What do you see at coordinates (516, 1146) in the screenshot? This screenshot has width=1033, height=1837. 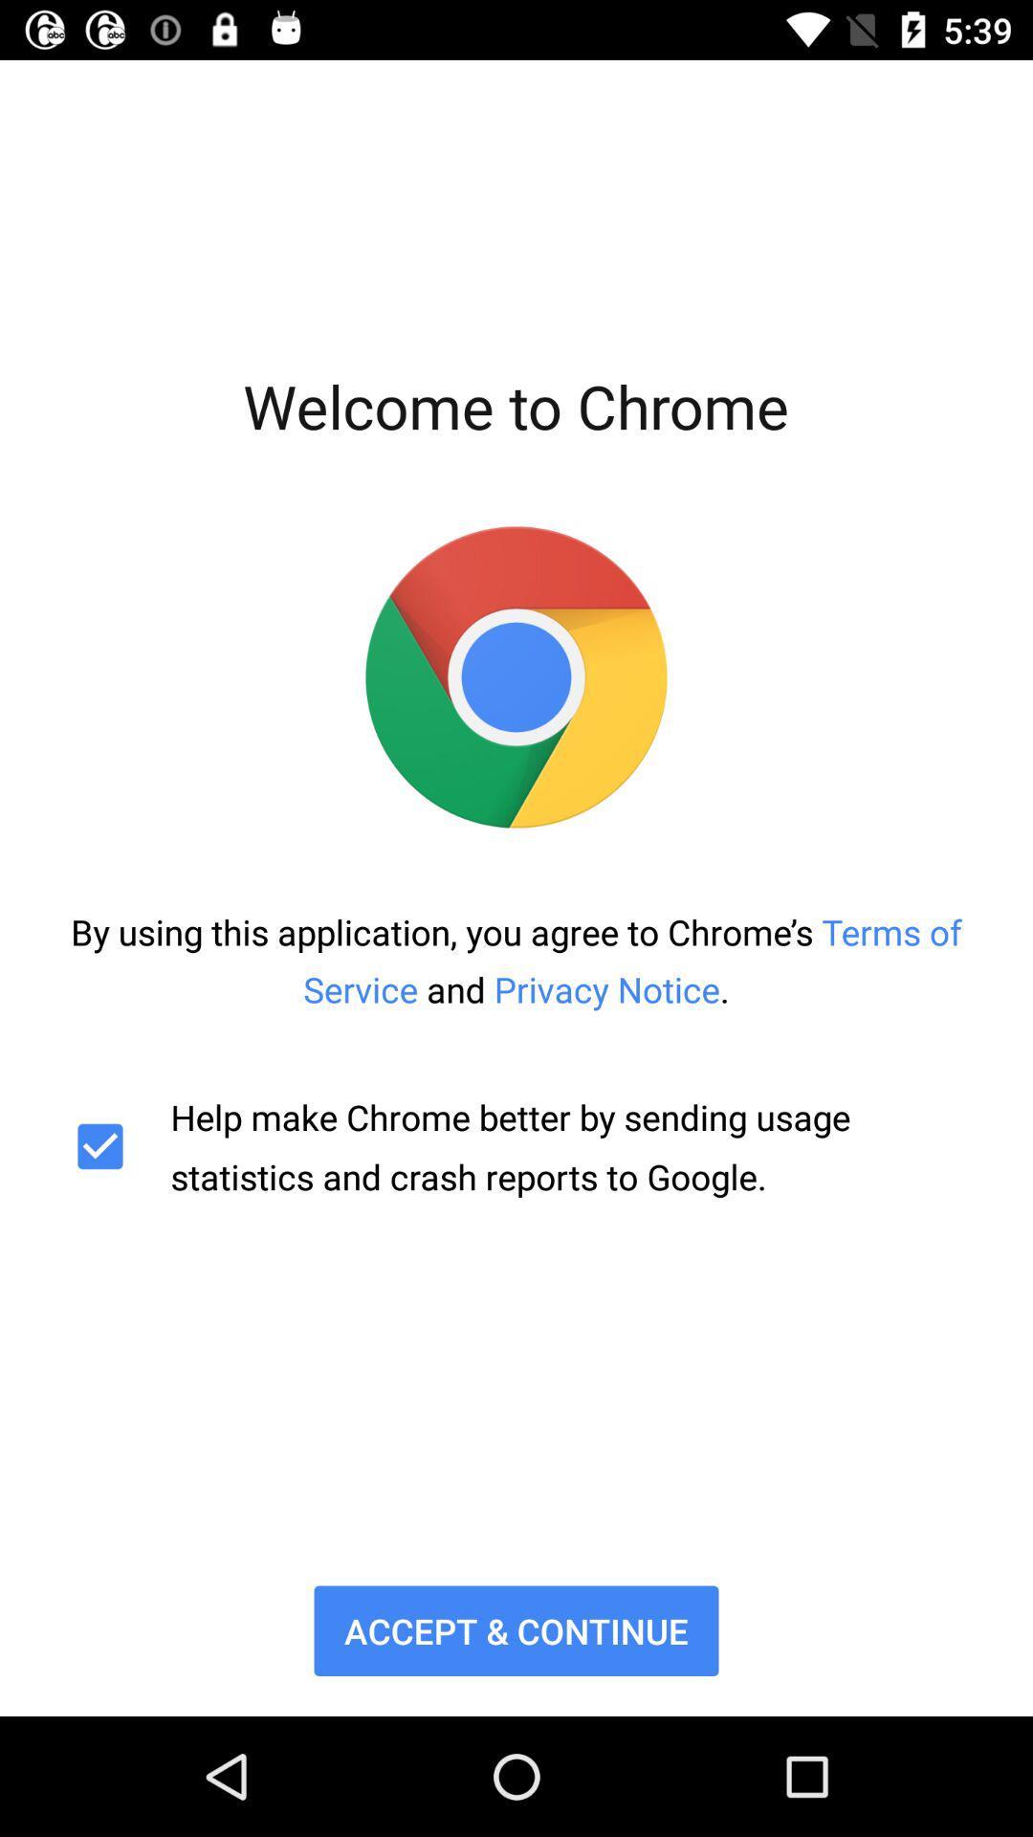 I see `the help make chrome icon` at bounding box center [516, 1146].